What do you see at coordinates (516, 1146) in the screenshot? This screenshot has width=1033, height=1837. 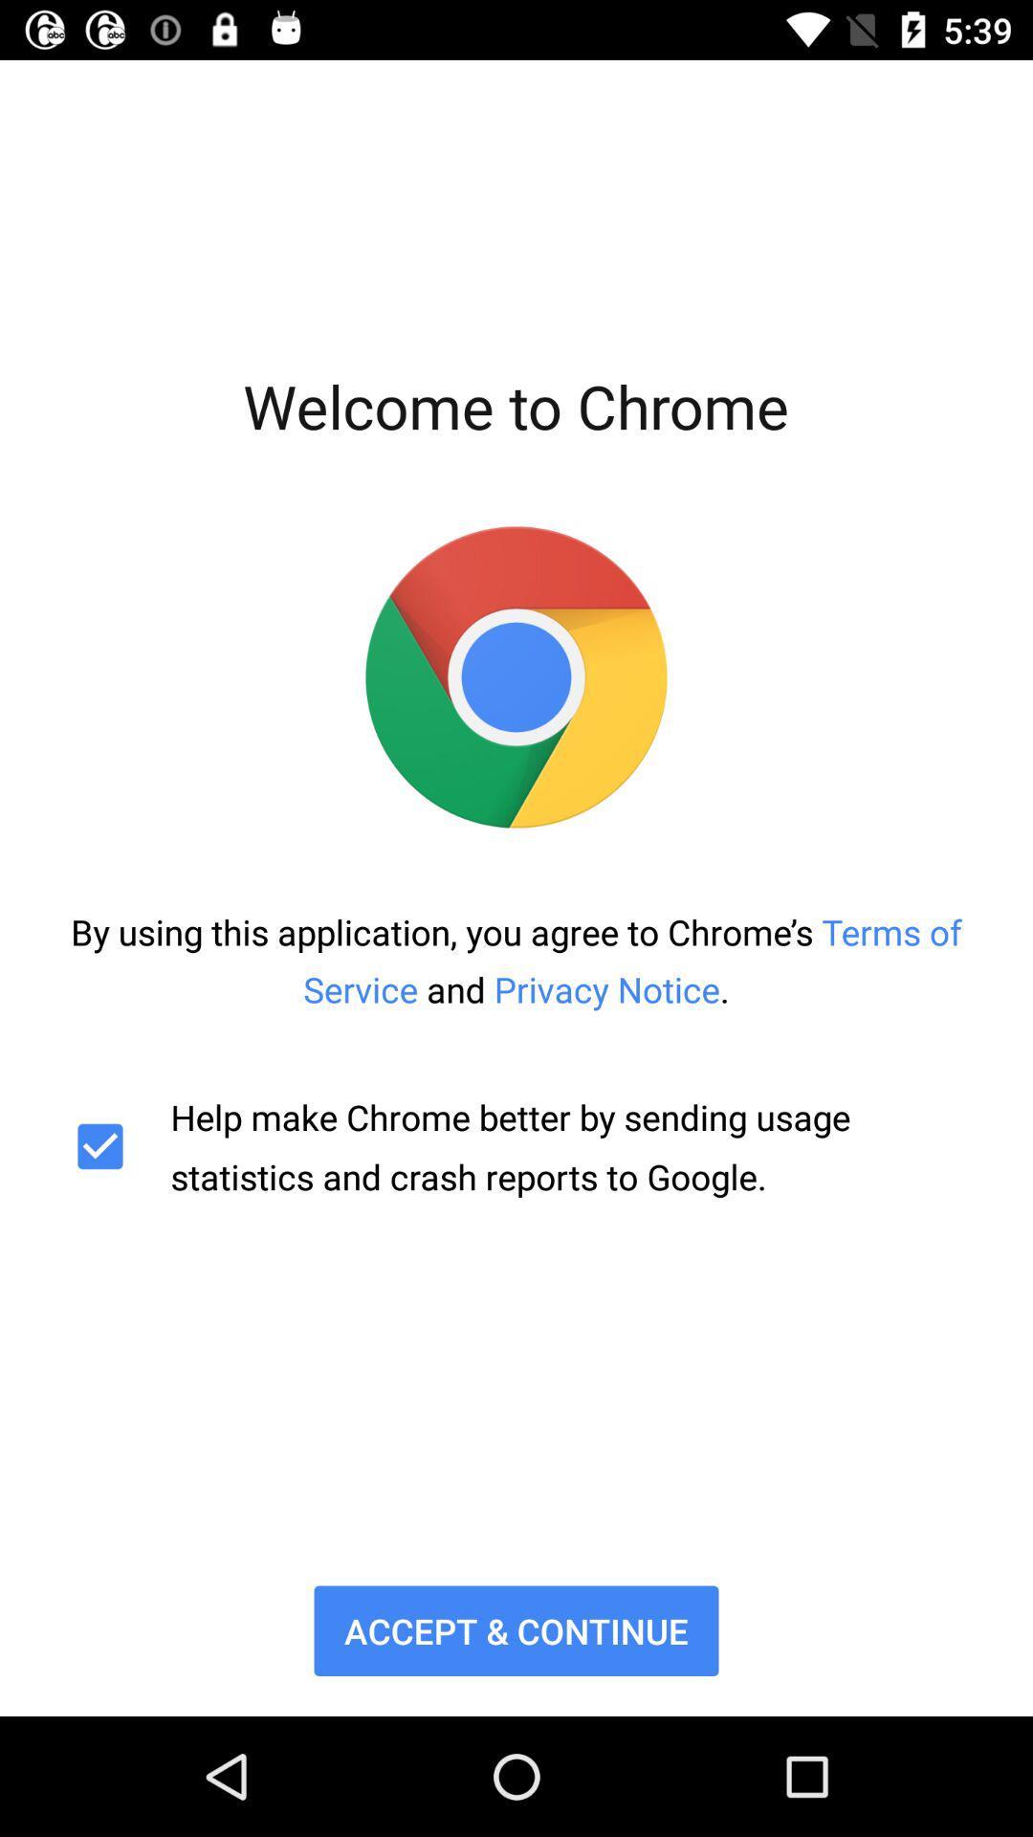 I see `the help make chrome icon` at bounding box center [516, 1146].